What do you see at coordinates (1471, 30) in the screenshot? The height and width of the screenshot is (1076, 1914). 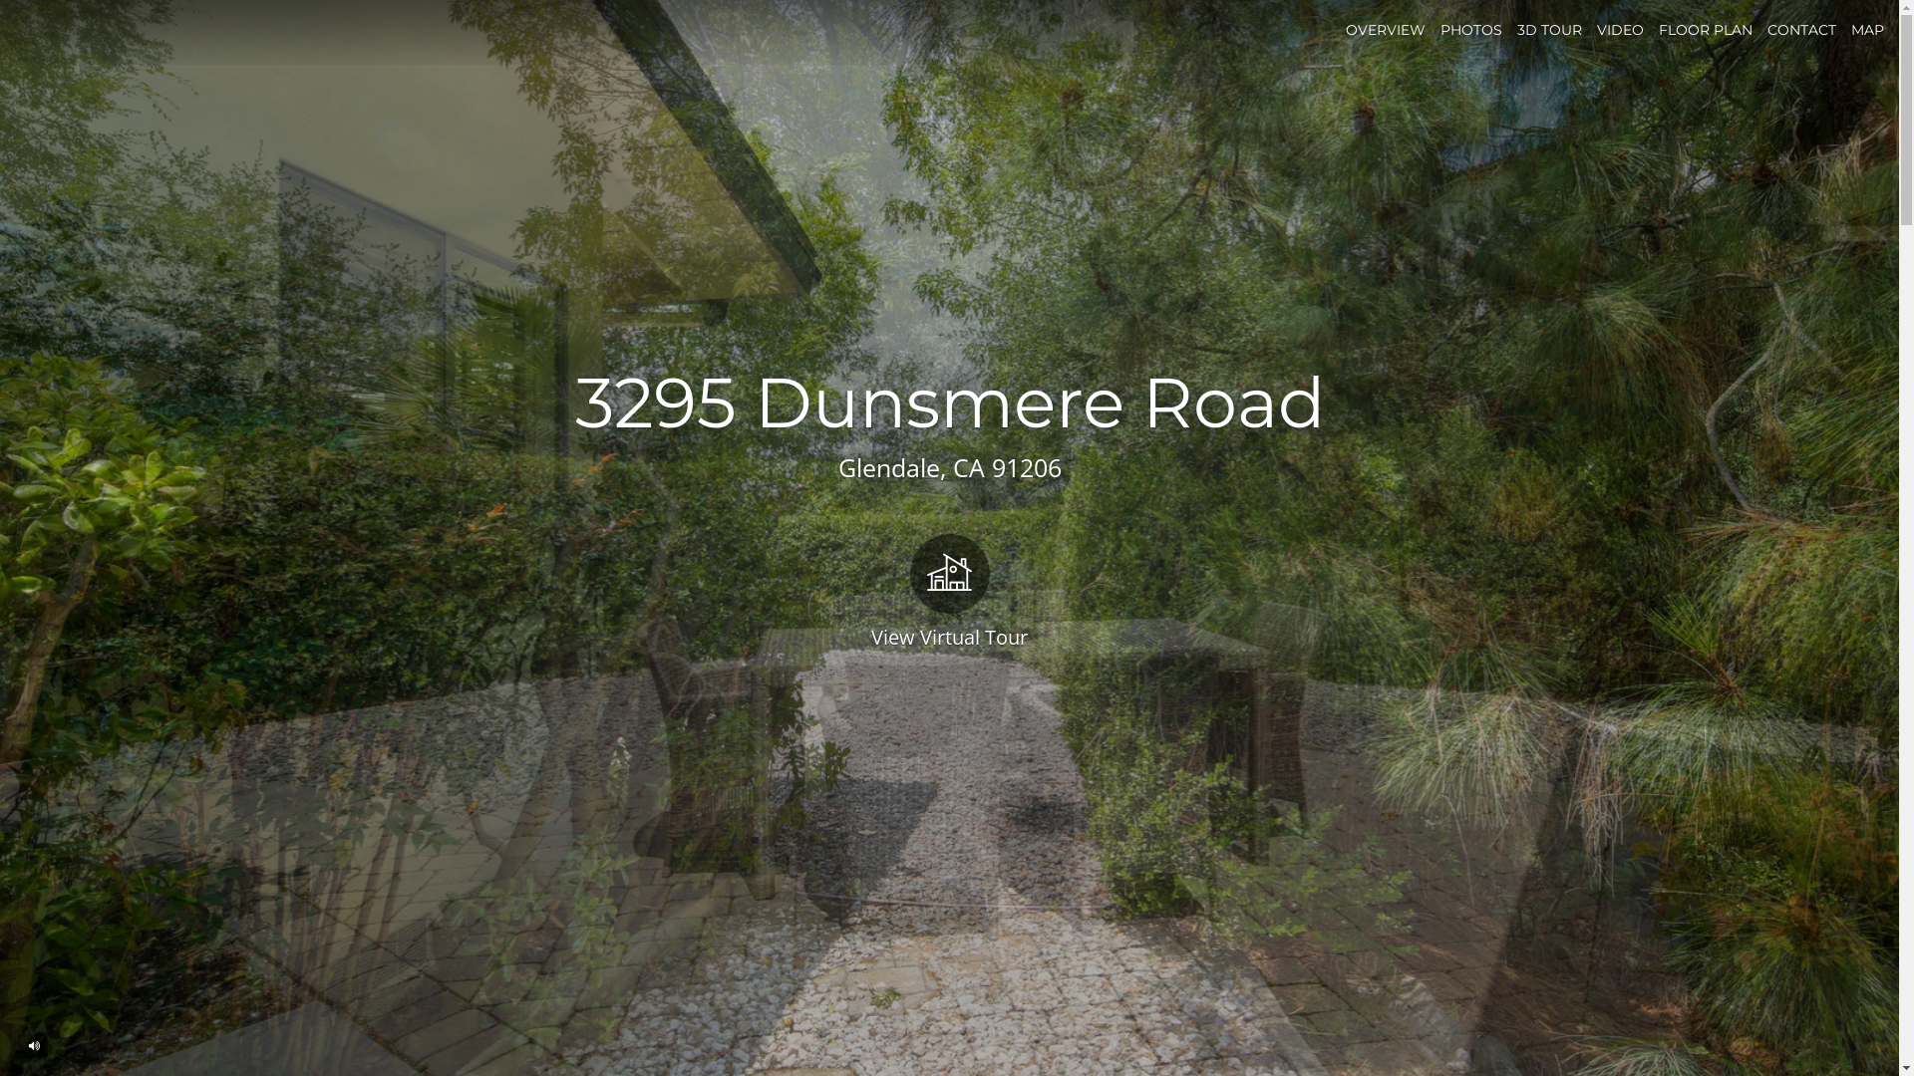 I see `'PHOTOS'` at bounding box center [1471, 30].